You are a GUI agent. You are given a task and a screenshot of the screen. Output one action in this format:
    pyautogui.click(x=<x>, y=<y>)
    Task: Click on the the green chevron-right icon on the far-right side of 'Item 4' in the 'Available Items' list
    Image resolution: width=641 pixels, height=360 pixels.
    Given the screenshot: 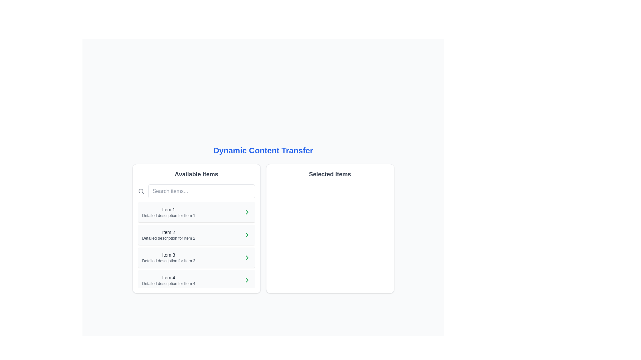 What is the action you would take?
    pyautogui.click(x=246, y=280)
    